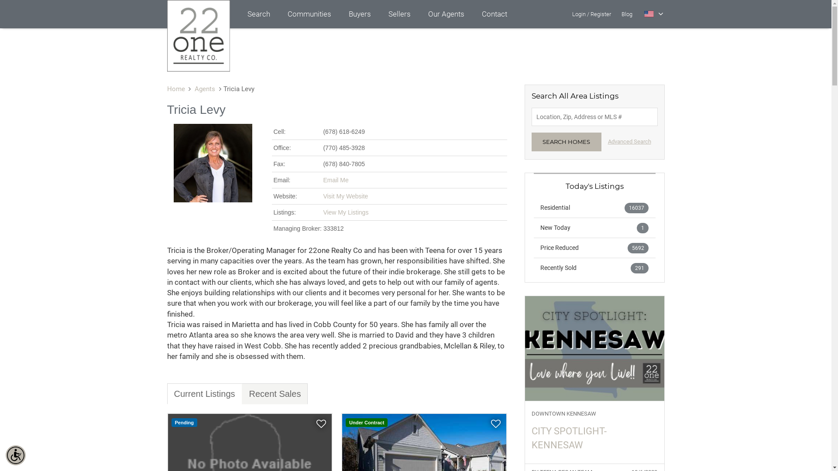 The width and height of the screenshot is (838, 471). What do you see at coordinates (345, 196) in the screenshot?
I see `'Visit My Website'` at bounding box center [345, 196].